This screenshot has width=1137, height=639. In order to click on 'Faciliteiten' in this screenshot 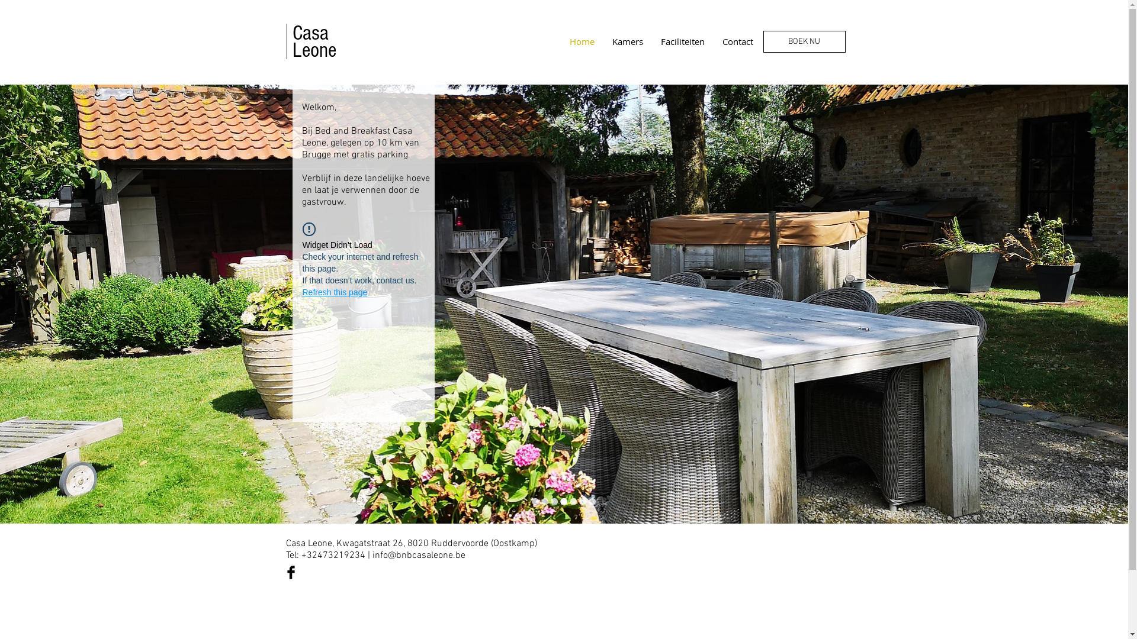, I will do `click(682, 40)`.